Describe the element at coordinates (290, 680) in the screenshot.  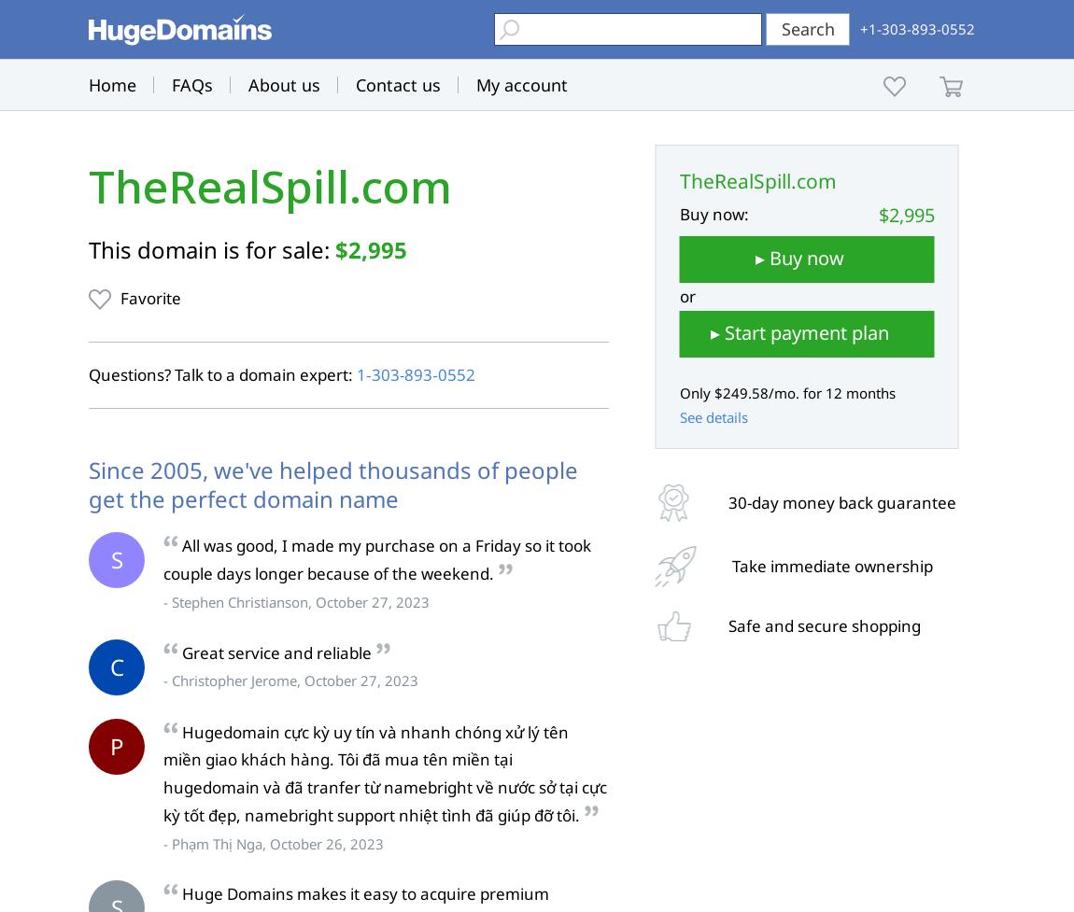
I see `'- Christopher Jerome, October 27, 2023'` at that location.